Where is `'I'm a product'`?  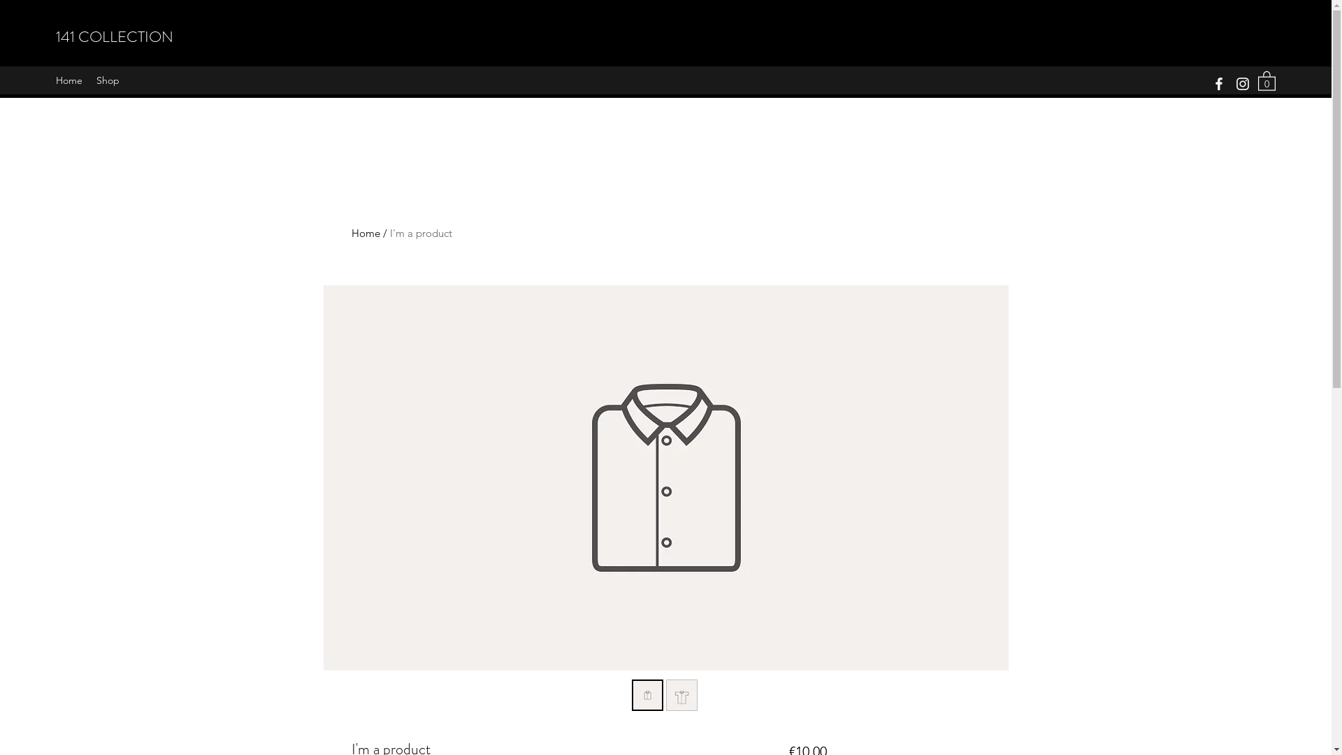 'I'm a product' is located at coordinates (420, 232).